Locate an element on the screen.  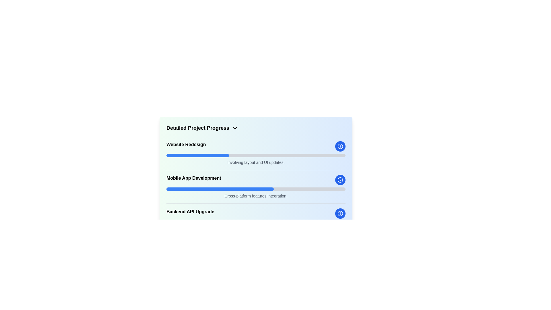
progress bar value is located at coordinates (257, 189).